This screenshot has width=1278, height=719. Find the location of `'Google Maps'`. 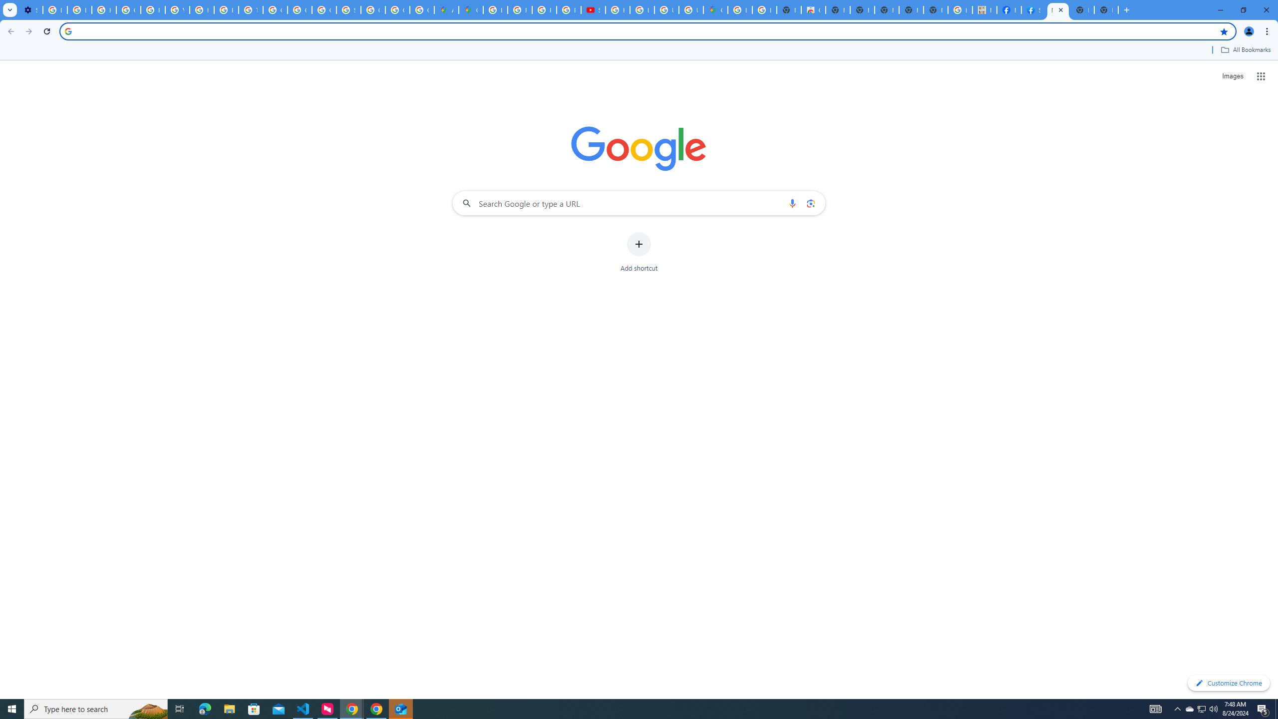

'Google Maps' is located at coordinates (470, 9).